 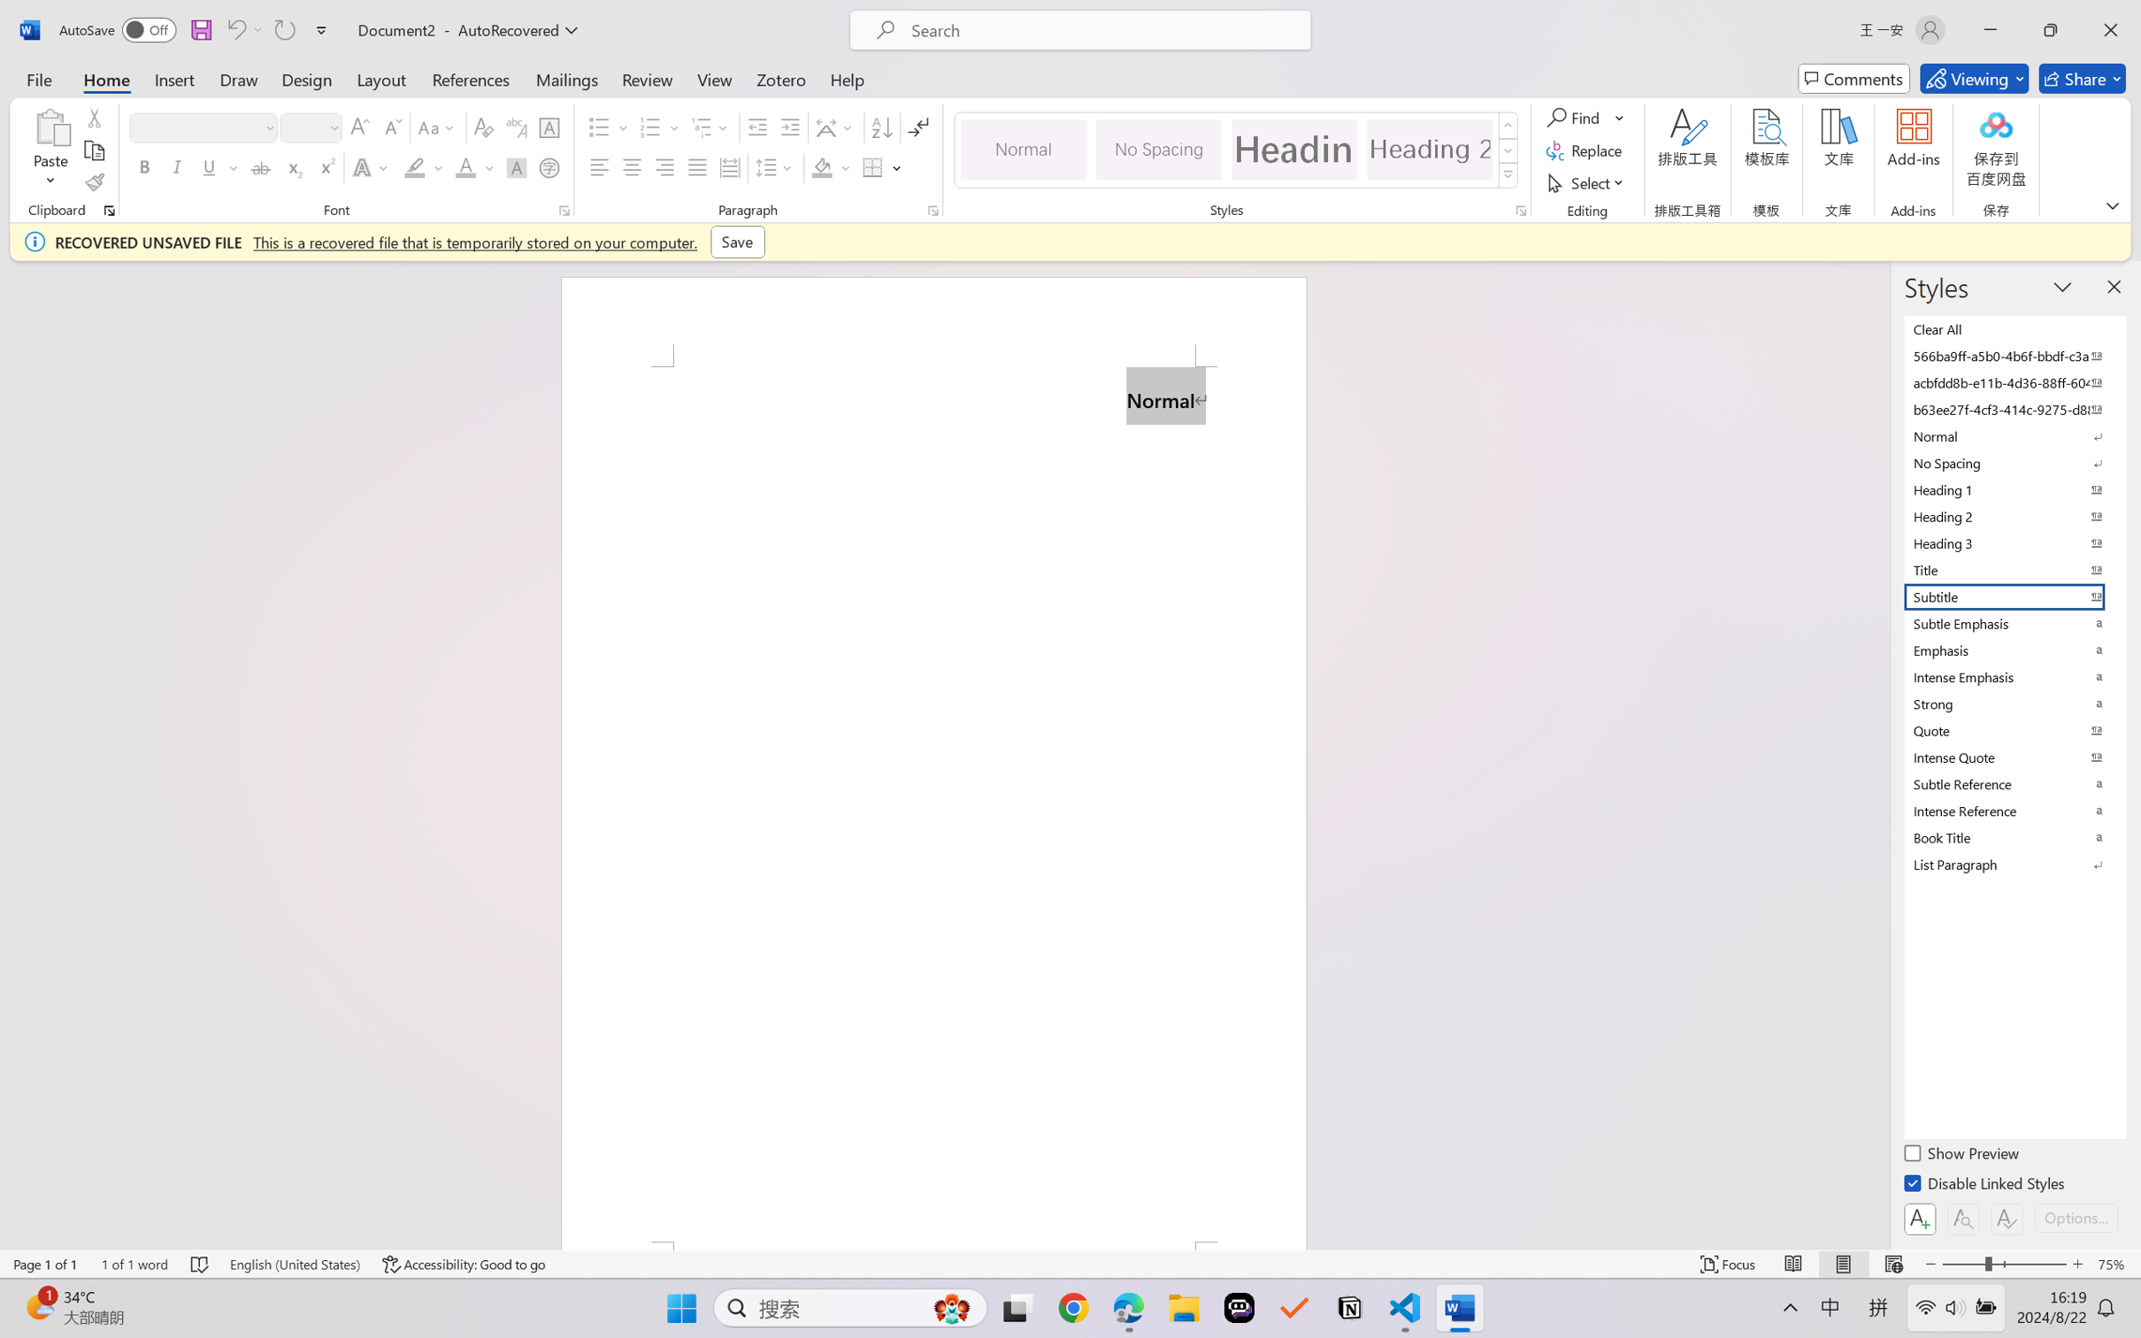 What do you see at coordinates (2013, 542) in the screenshot?
I see `'Heading 3'` at bounding box center [2013, 542].